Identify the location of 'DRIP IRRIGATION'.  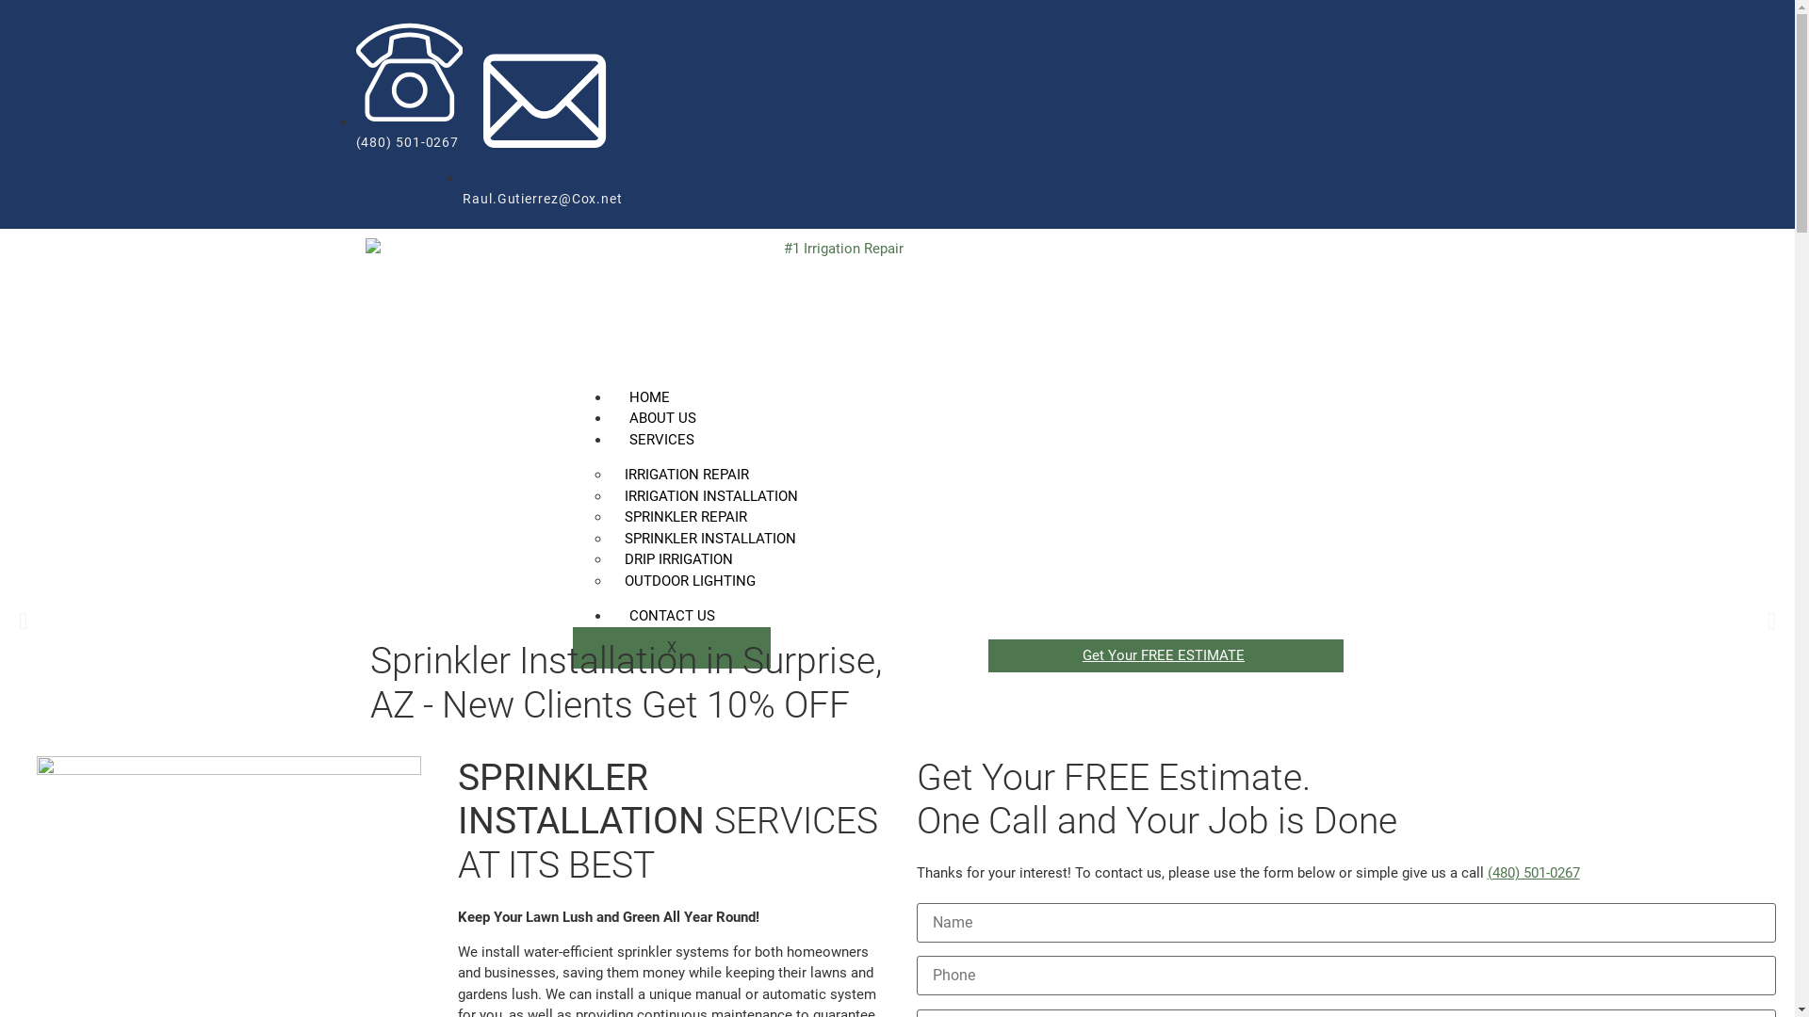
(678, 558).